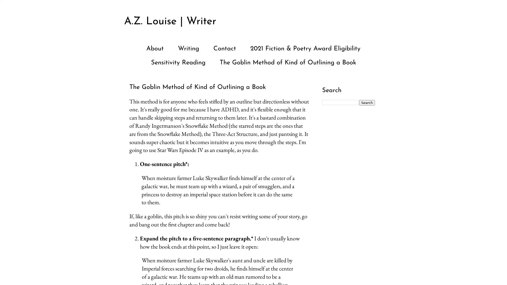 The image size is (507, 285). I want to click on Search, so click(367, 102).